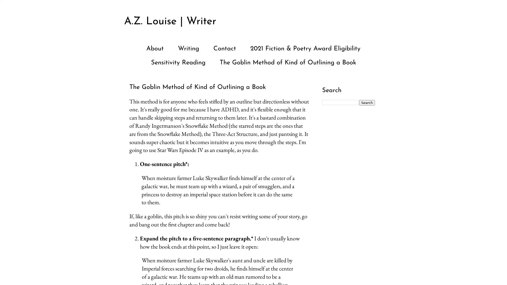 The image size is (507, 285). I want to click on Search, so click(367, 102).